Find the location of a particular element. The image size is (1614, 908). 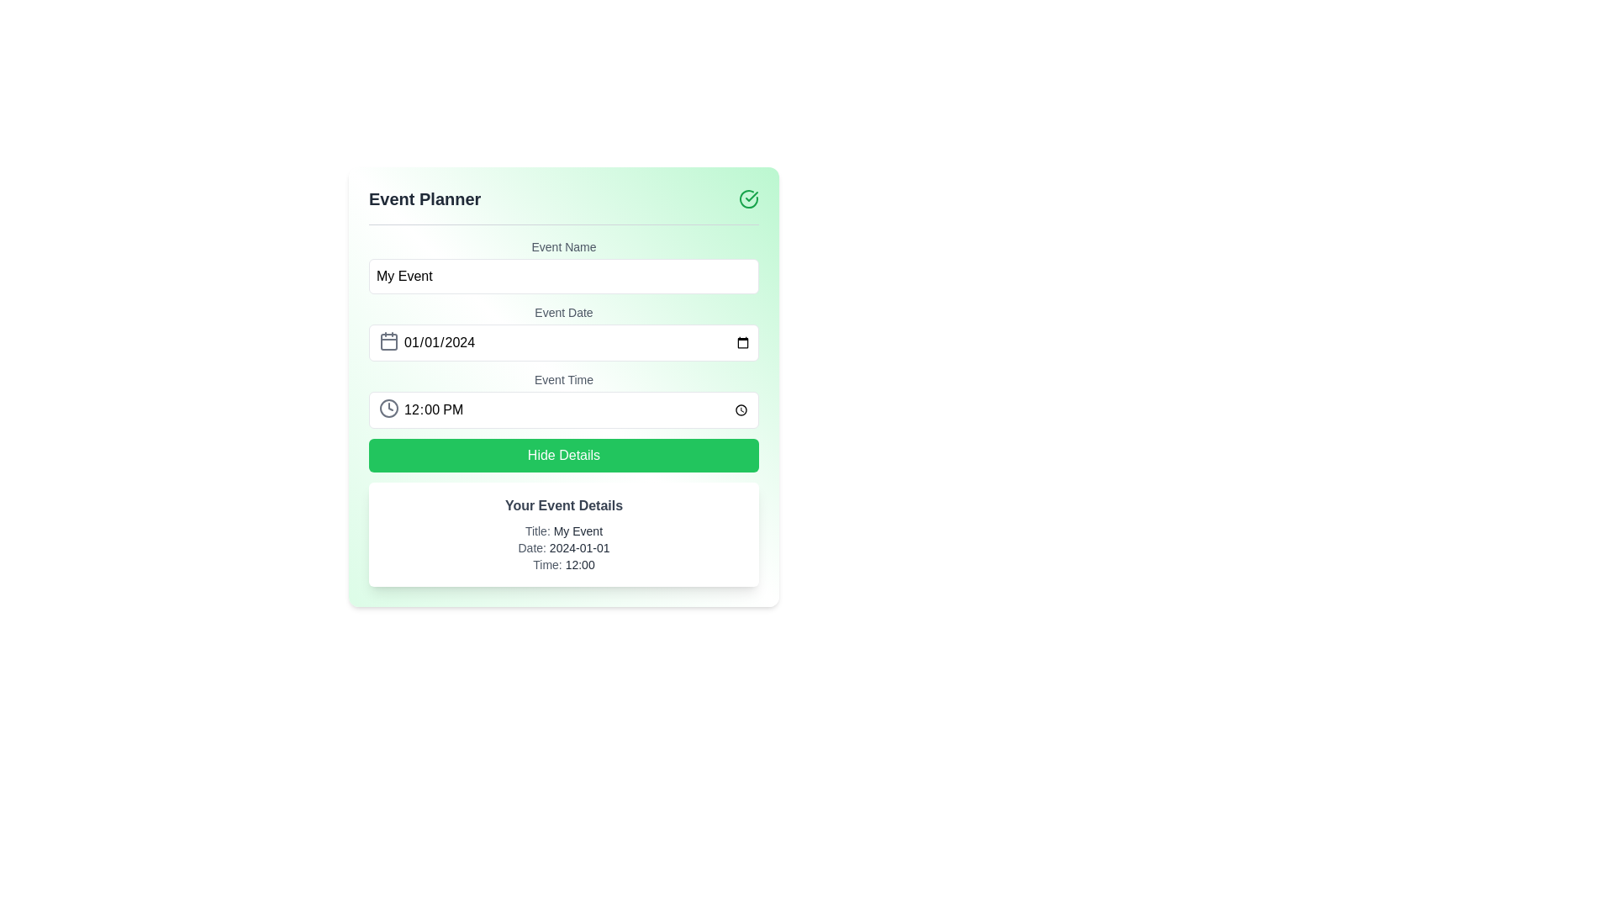

the 'Event Time' input field located below the 'Event Date' input field within the 'Event Planner' form is located at coordinates (564, 409).